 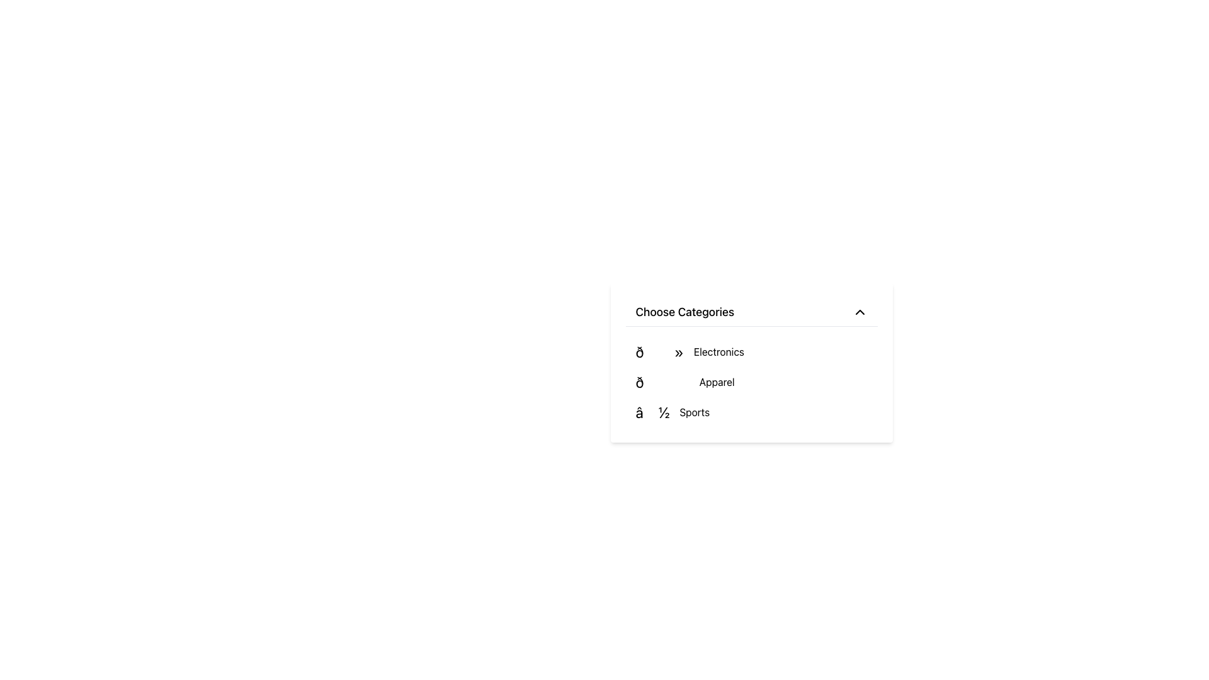 What do you see at coordinates (717, 381) in the screenshot?
I see `the 'Apparel' category label in the dropdown menu, which is located in the second row under the 'Choose Categories' label` at bounding box center [717, 381].